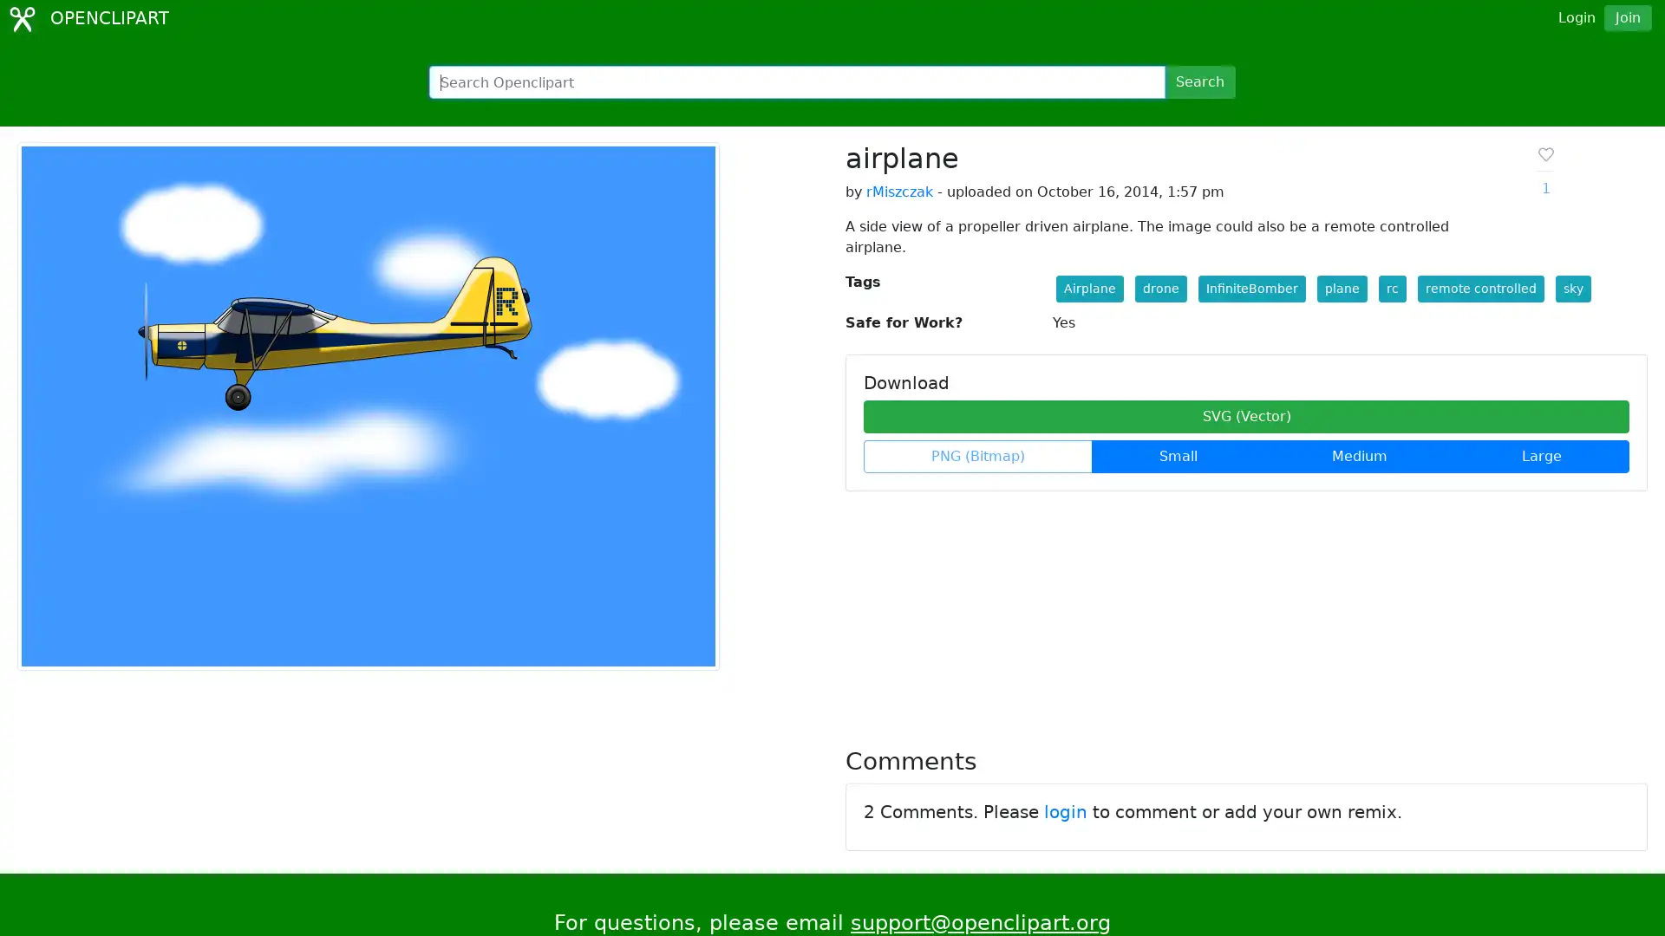 This screenshot has height=936, width=1665. I want to click on Search, so click(1198, 82).